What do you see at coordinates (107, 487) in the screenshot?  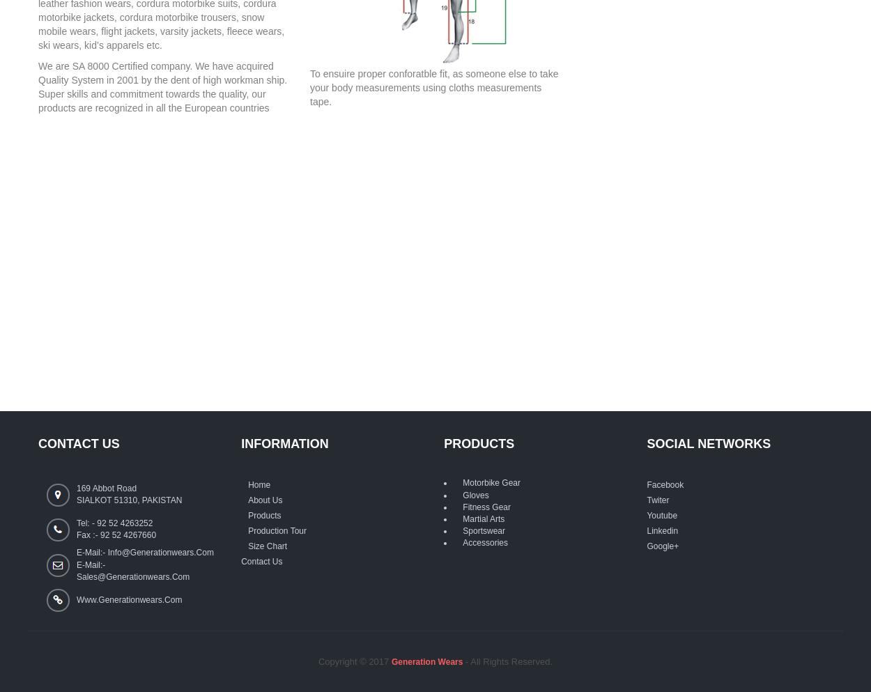 I see `'169 Abbot Road'` at bounding box center [107, 487].